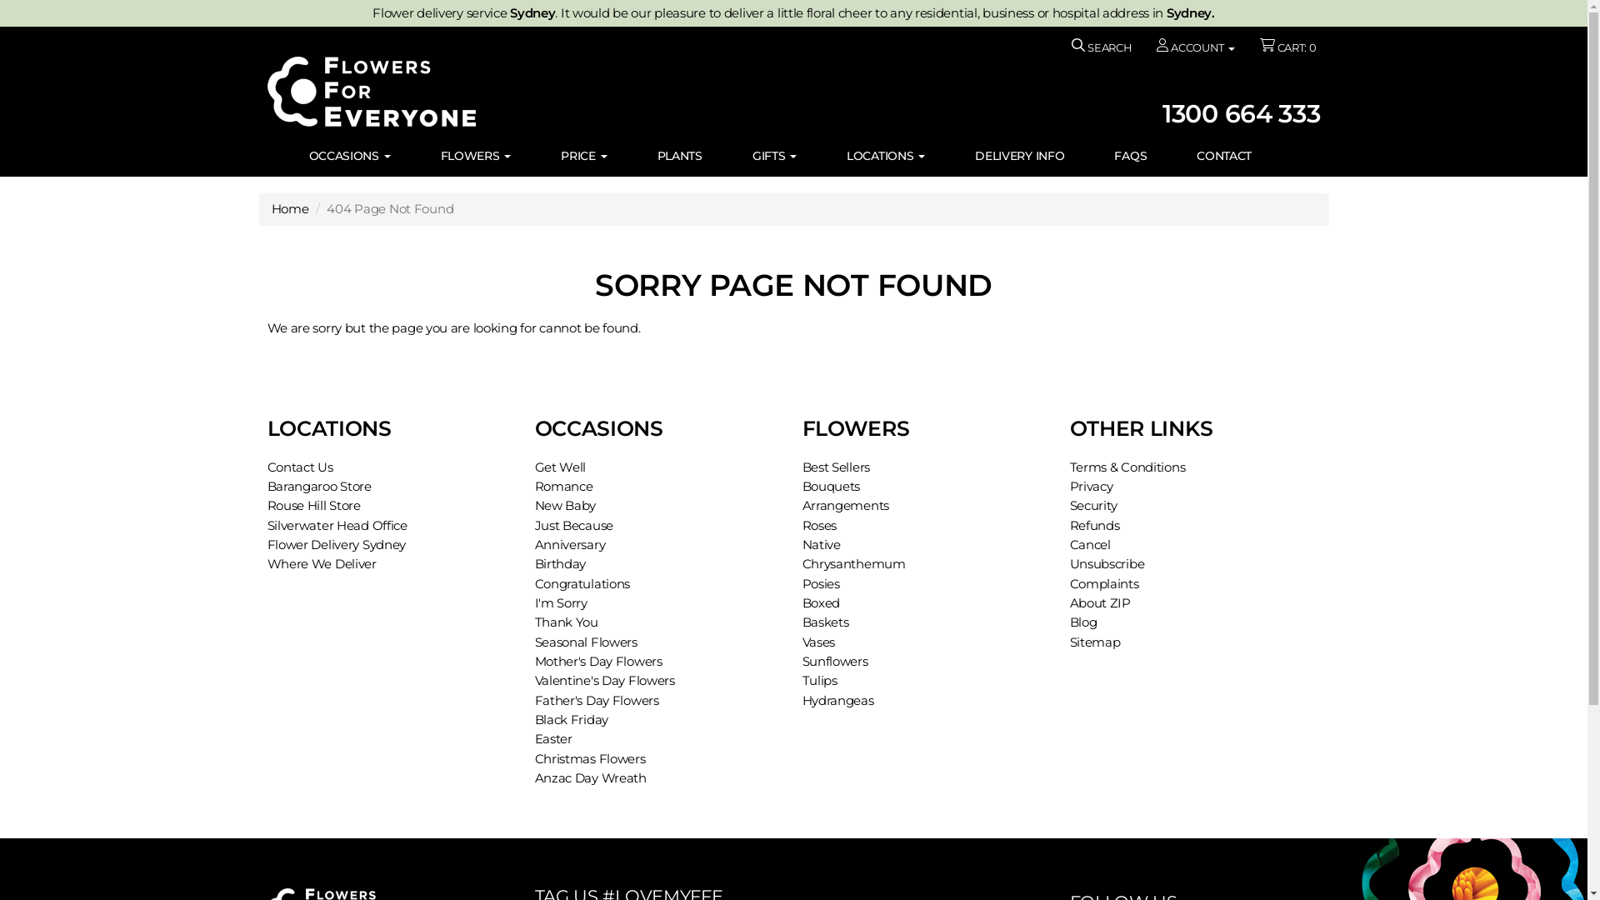 This screenshot has height=900, width=1600. What do you see at coordinates (1223, 155) in the screenshot?
I see `'CONTACT'` at bounding box center [1223, 155].